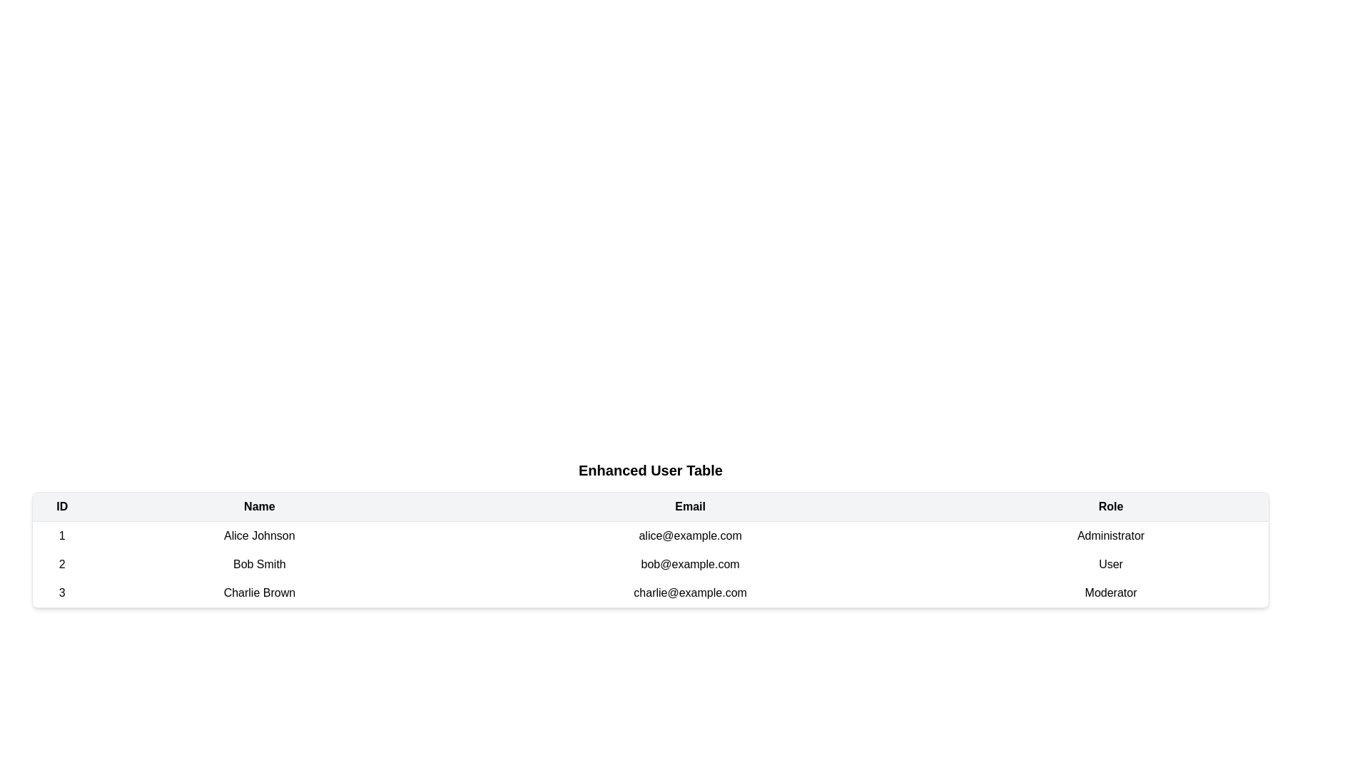 This screenshot has height=770, width=1370. I want to click on the static text component displaying the unique ID for user 'Bob Smith' in the second row of the table under the 'ID' column, so click(61, 563).